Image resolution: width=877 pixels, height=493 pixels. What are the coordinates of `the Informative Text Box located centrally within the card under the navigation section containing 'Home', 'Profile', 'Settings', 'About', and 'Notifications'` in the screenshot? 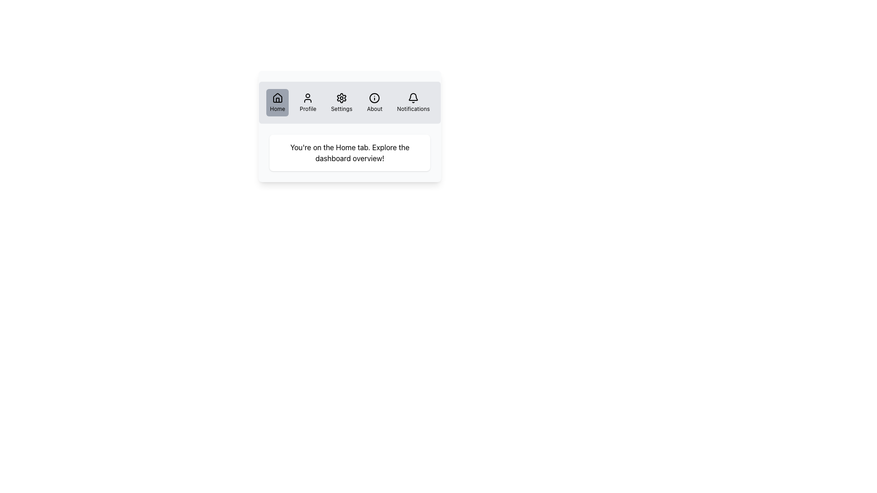 It's located at (349, 152).